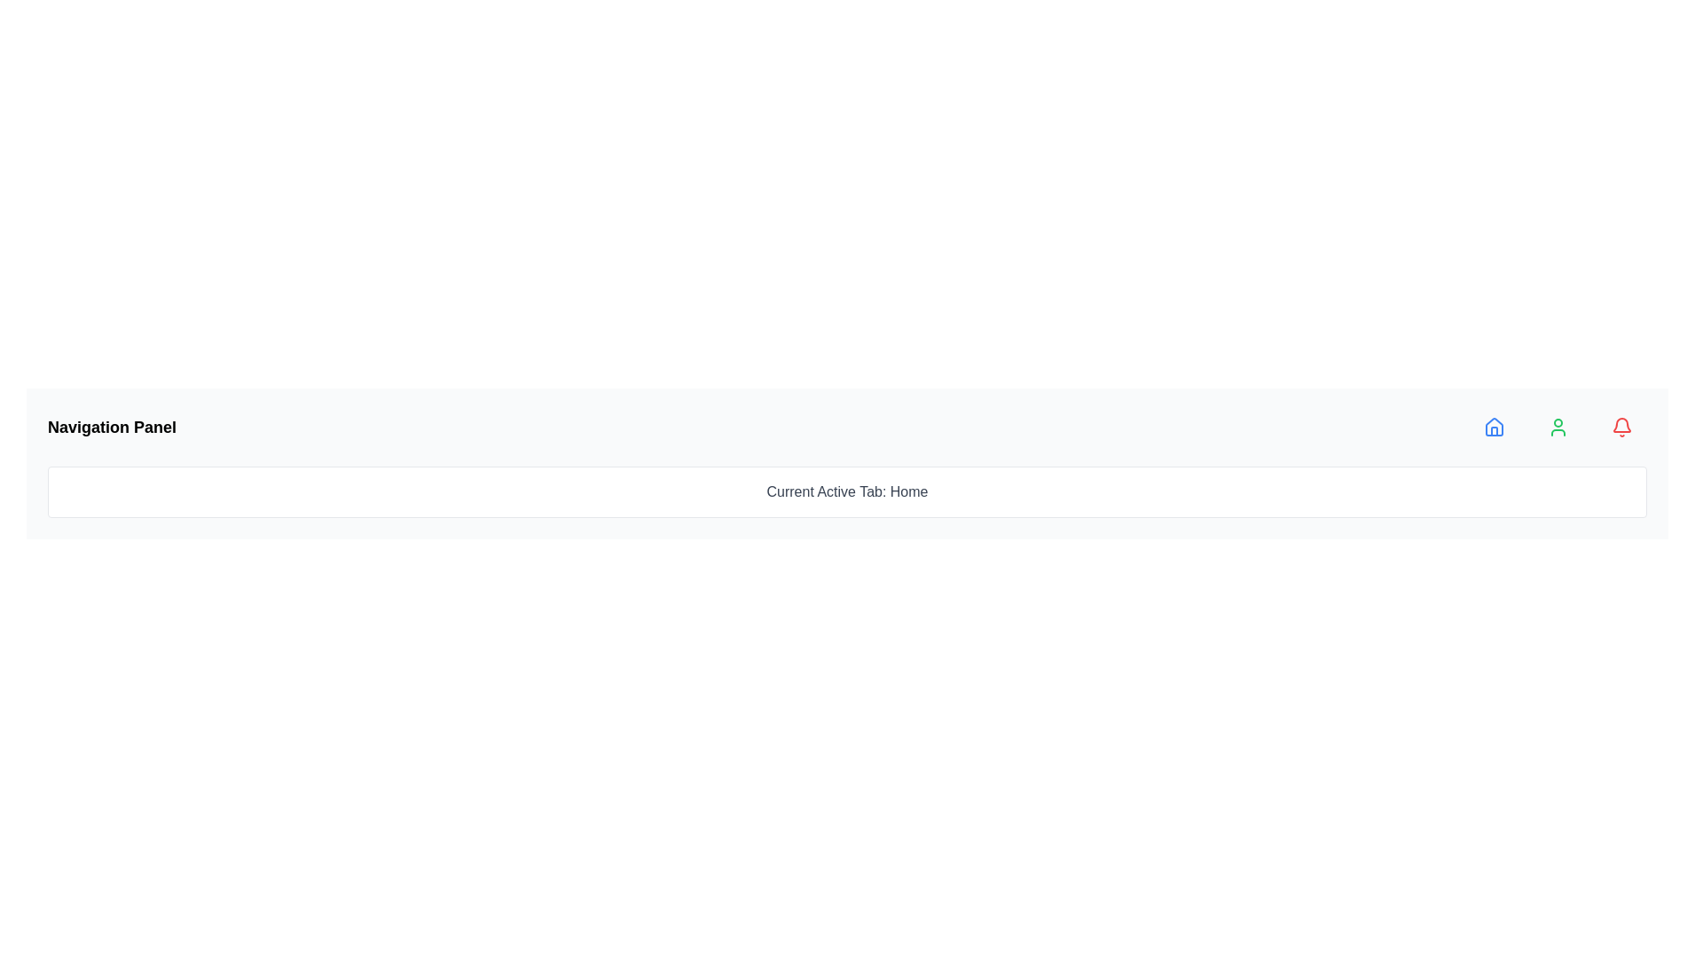 This screenshot has height=958, width=1703. I want to click on the text display element that shows 'Current Active Tab: Home' styled in gray, positioned centrally under the navigation panel, so click(846, 492).